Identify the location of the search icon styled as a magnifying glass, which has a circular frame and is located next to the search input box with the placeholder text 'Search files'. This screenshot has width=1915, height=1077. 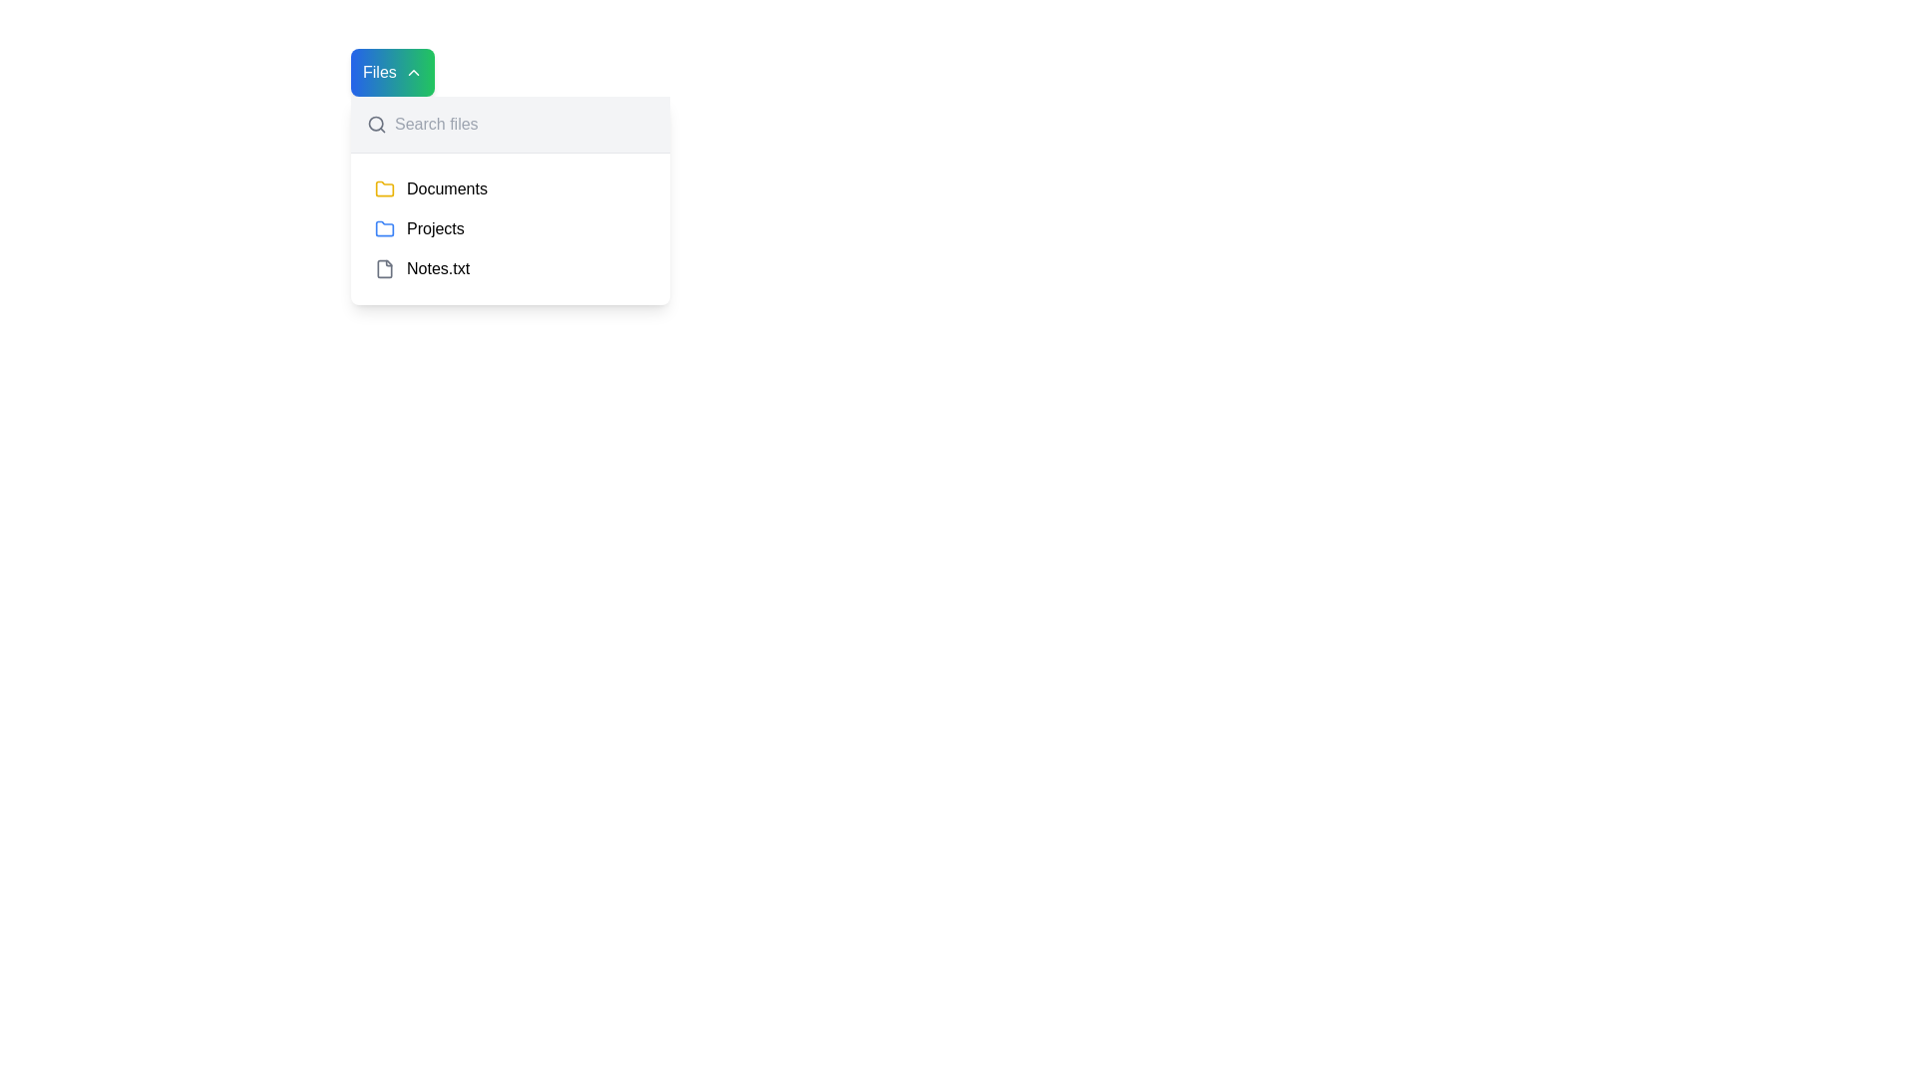
(377, 124).